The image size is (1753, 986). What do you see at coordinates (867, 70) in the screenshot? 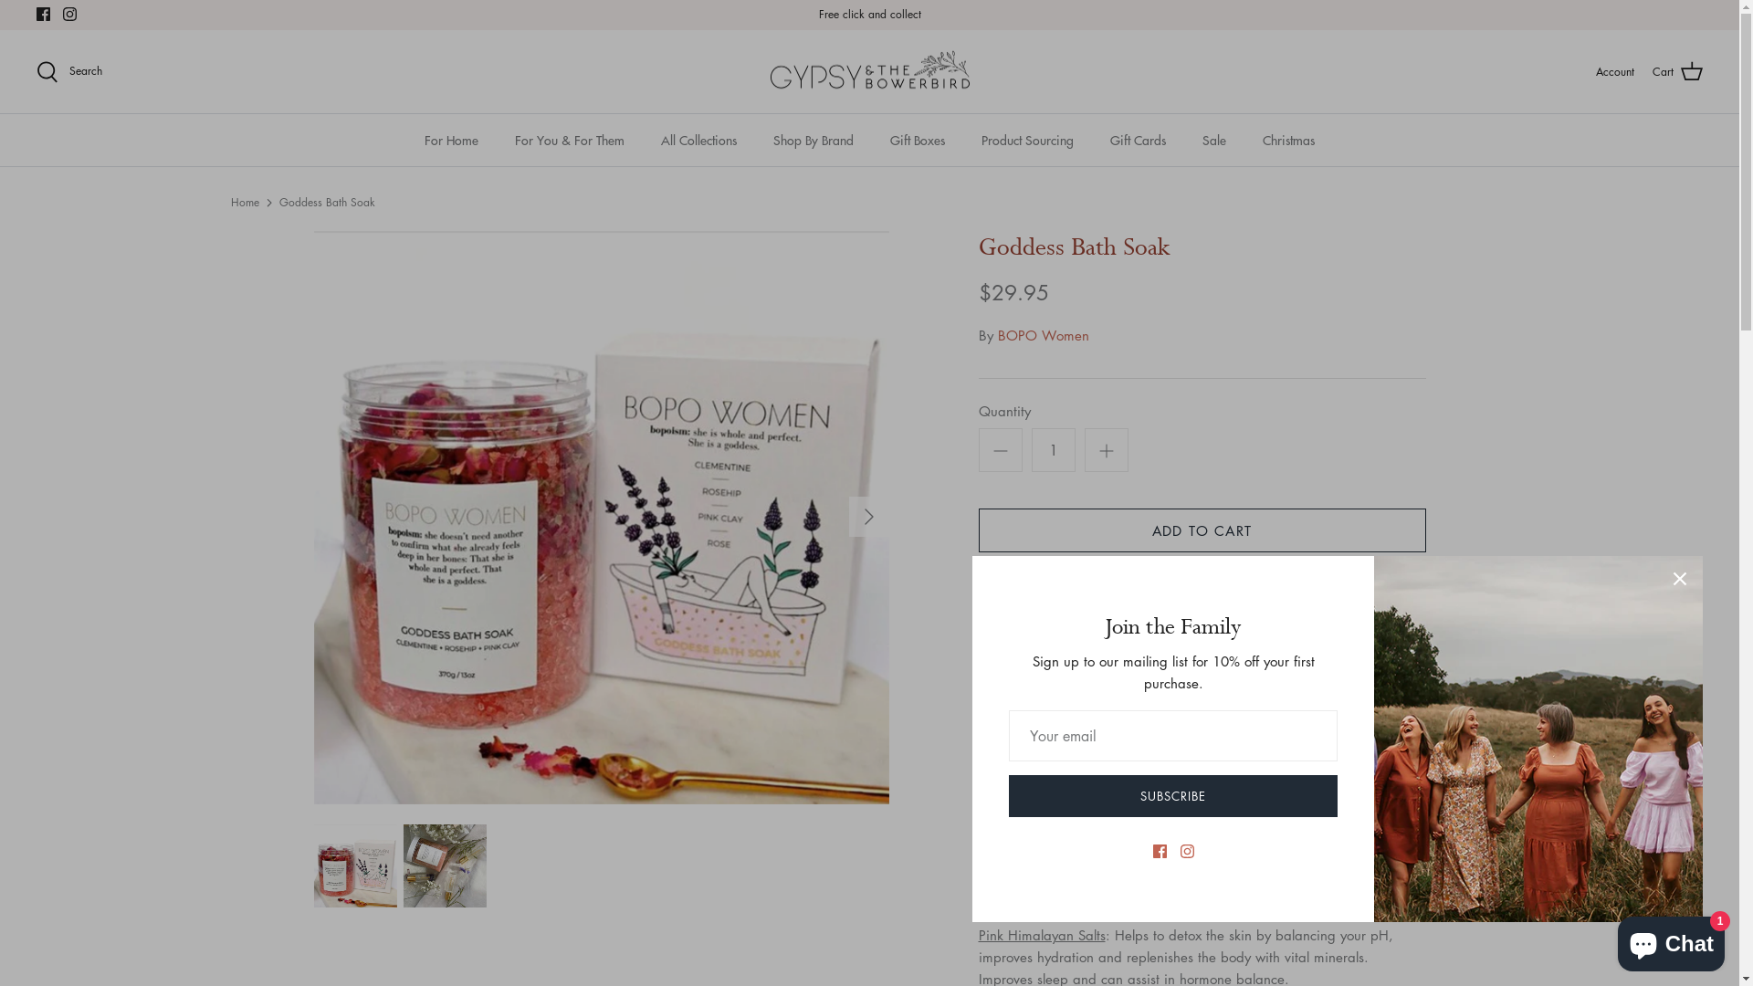
I see `'Gypsy and the Bowerbird'` at bounding box center [867, 70].